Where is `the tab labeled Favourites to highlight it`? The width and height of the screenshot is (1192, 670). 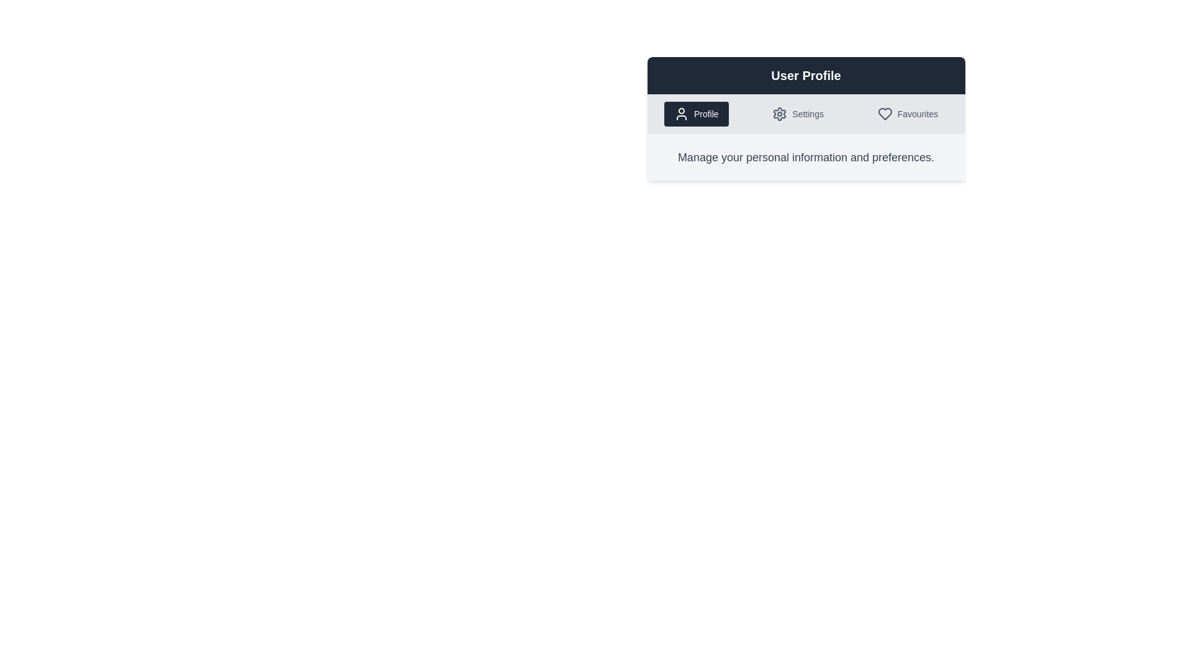 the tab labeled Favourites to highlight it is located at coordinates (908, 114).